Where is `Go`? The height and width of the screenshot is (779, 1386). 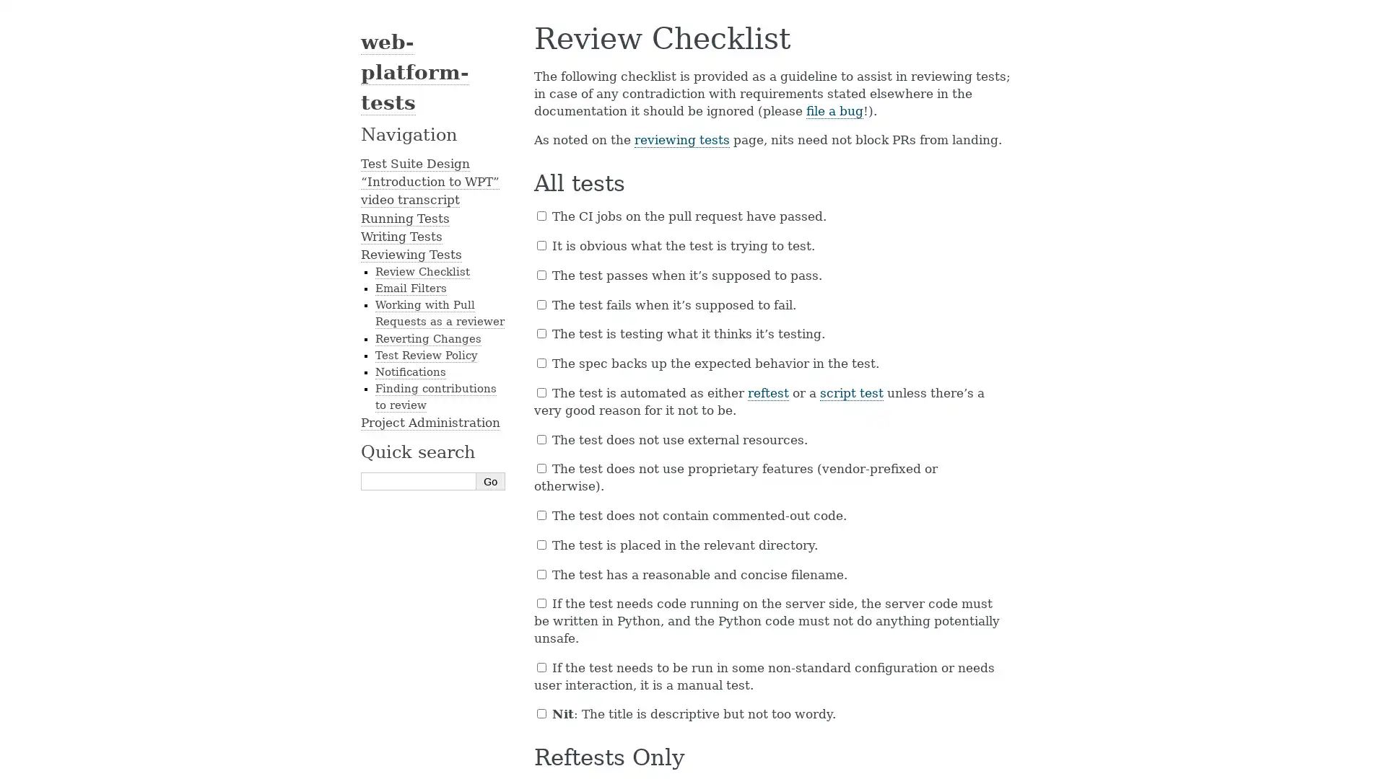 Go is located at coordinates (491, 481).